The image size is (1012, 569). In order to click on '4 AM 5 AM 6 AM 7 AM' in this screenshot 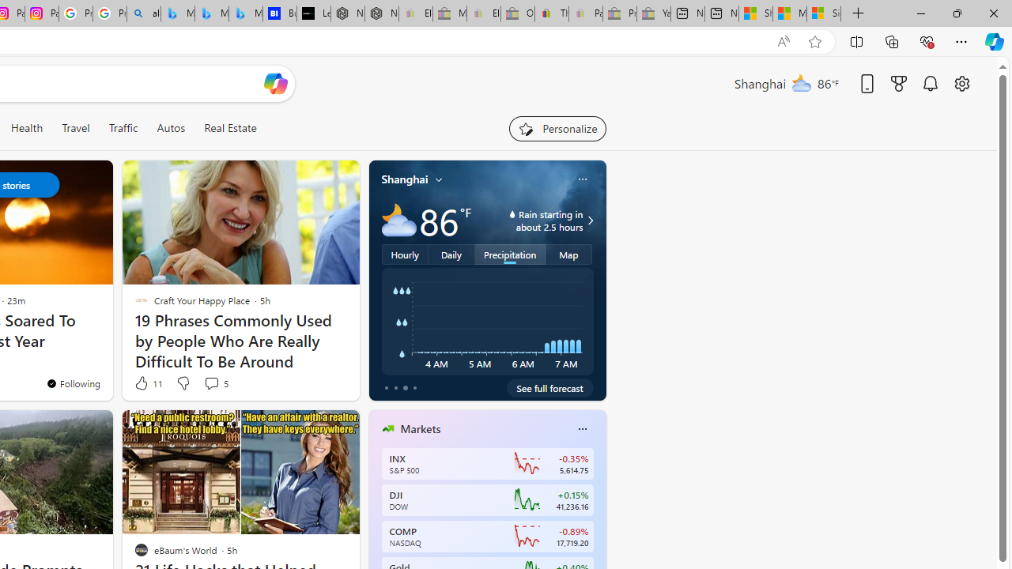, I will do `click(486, 321)`.